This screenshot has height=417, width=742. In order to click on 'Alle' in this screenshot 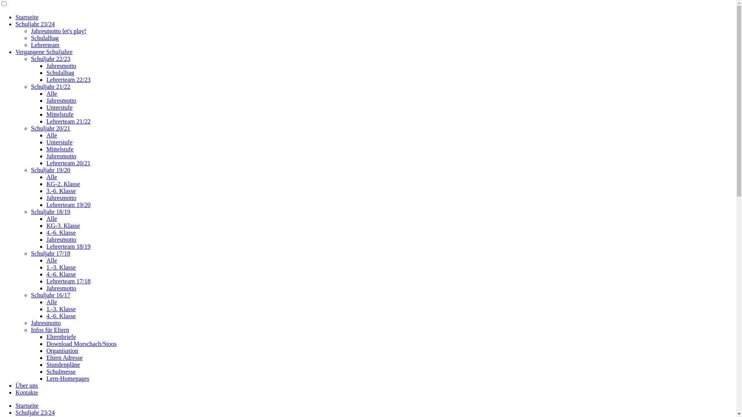, I will do `click(51, 135)`.